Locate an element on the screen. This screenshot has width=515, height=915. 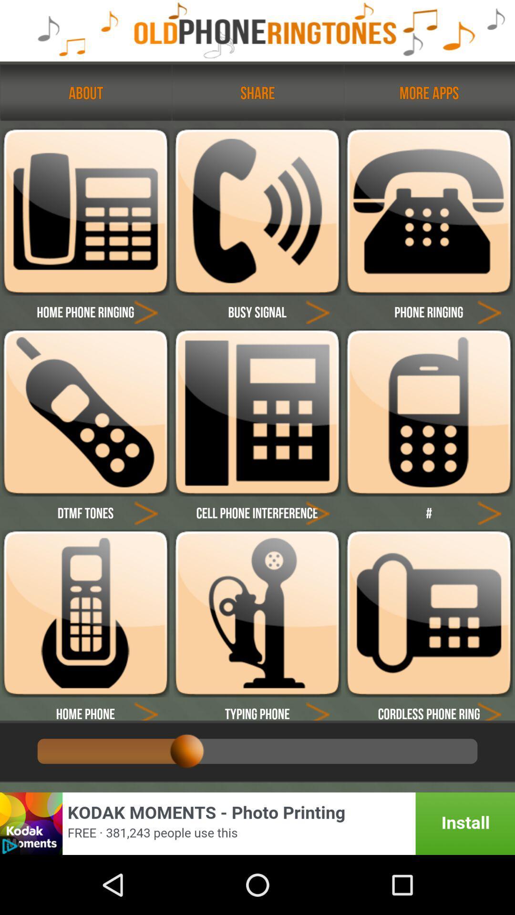
play is located at coordinates (318, 709).